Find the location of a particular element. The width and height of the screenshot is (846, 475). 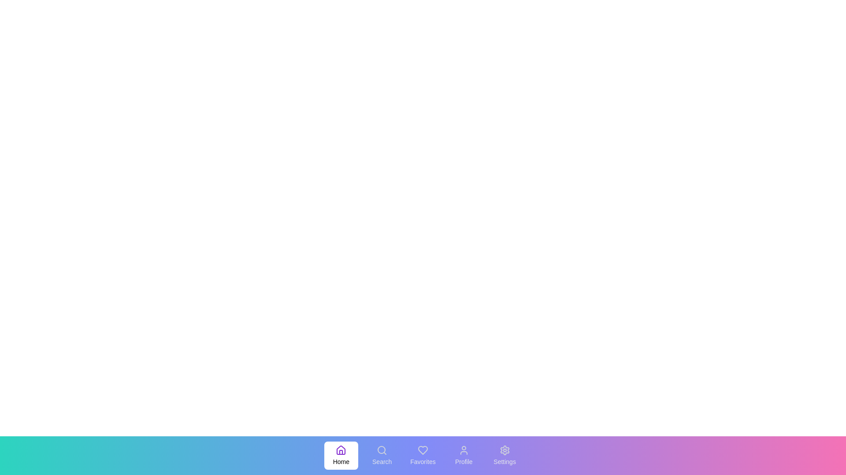

the menu item Settings by clicking on it is located at coordinates (505, 455).